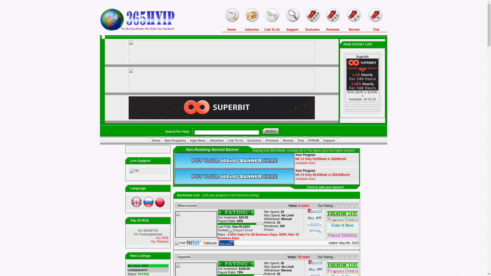 This screenshot has height=276, width=491. What do you see at coordinates (230, 195) in the screenshot?
I see `'(List your program in the Exclusive listing)'` at bounding box center [230, 195].